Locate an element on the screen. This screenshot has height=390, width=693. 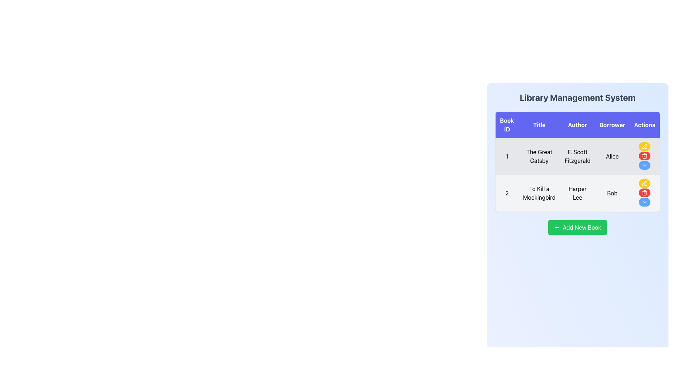
the small plus sign icon located within the 'Add New Book' button, which has a green background and white text is located at coordinates (557, 227).